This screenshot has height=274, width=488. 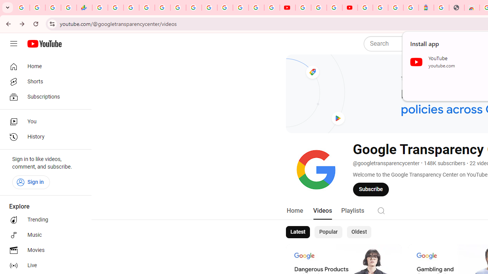 I want to click on 'Content Creator Programs & Opportunities - YouTube Creators', so click(x=350, y=8).